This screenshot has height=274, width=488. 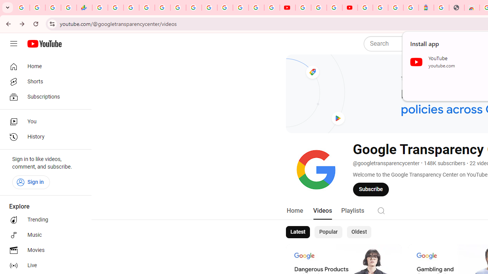 I want to click on 'Content Creator Programs & Opportunities - YouTube Creators', so click(x=350, y=8).